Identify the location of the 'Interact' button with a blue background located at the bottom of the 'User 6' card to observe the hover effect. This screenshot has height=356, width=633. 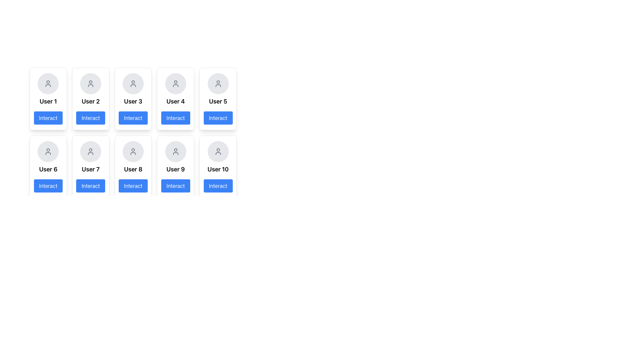
(48, 186).